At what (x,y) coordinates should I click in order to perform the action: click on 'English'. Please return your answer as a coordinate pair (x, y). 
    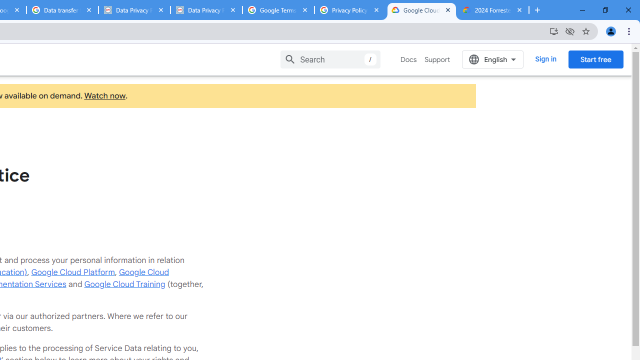
    Looking at the image, I should click on (492, 59).